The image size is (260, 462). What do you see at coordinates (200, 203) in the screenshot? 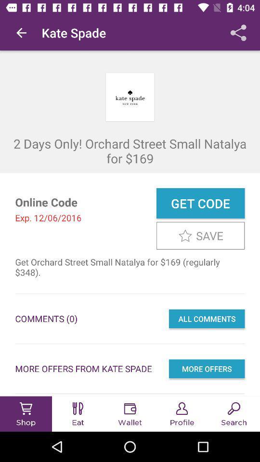
I see `the item next to the online code` at bounding box center [200, 203].